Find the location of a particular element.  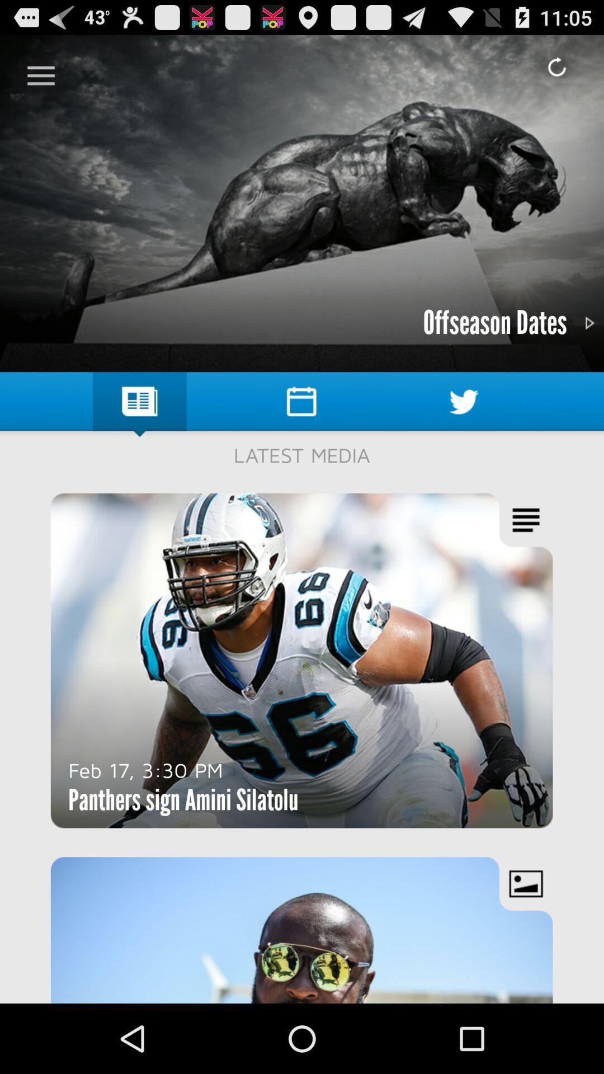

the the symbol which is left hand side of the bird symbol is located at coordinates (301, 402).